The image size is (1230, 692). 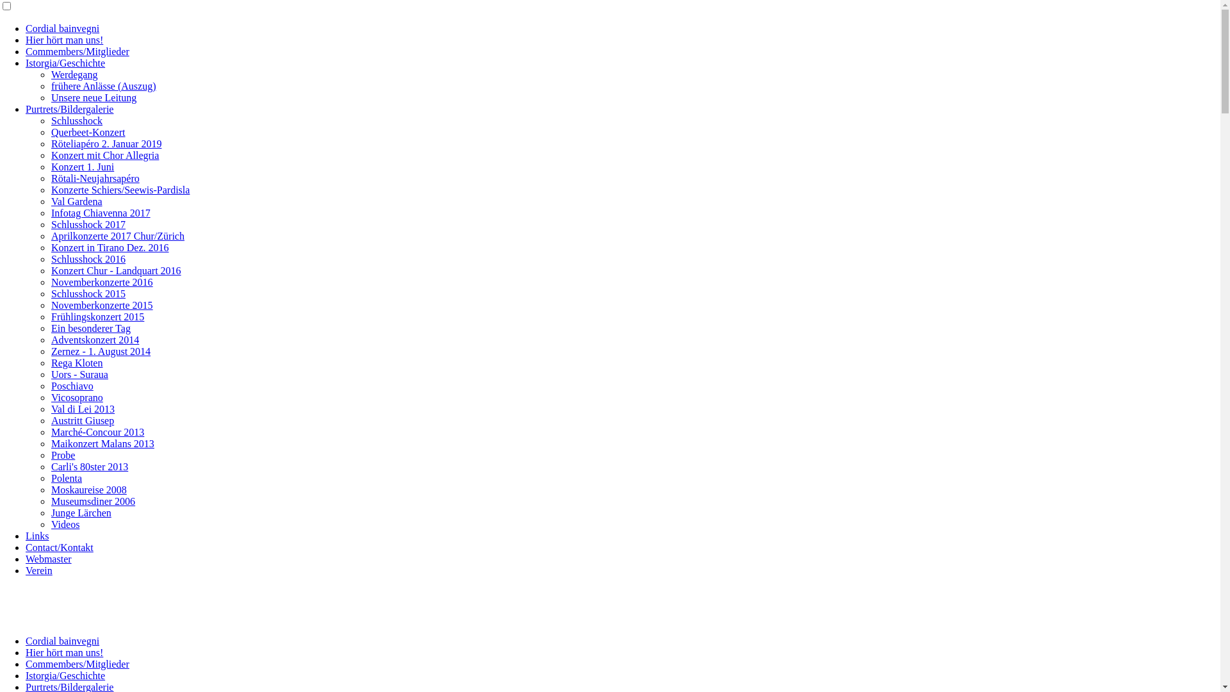 What do you see at coordinates (62, 454) in the screenshot?
I see `'Probe'` at bounding box center [62, 454].